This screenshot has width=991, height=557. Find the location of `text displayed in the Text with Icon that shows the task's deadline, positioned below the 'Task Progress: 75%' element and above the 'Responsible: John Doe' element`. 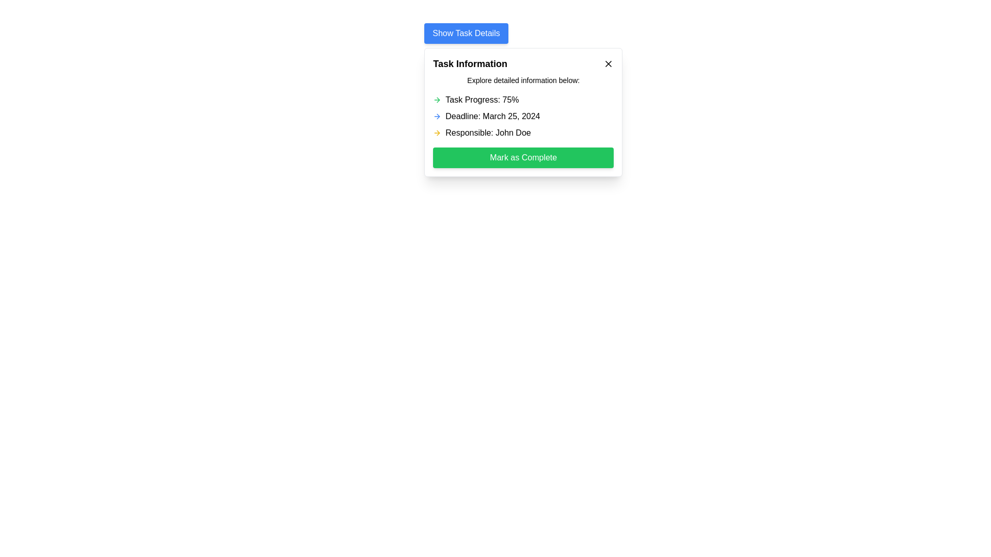

text displayed in the Text with Icon that shows the task's deadline, positioned below the 'Task Progress: 75%' element and above the 'Responsible: John Doe' element is located at coordinates (523, 116).